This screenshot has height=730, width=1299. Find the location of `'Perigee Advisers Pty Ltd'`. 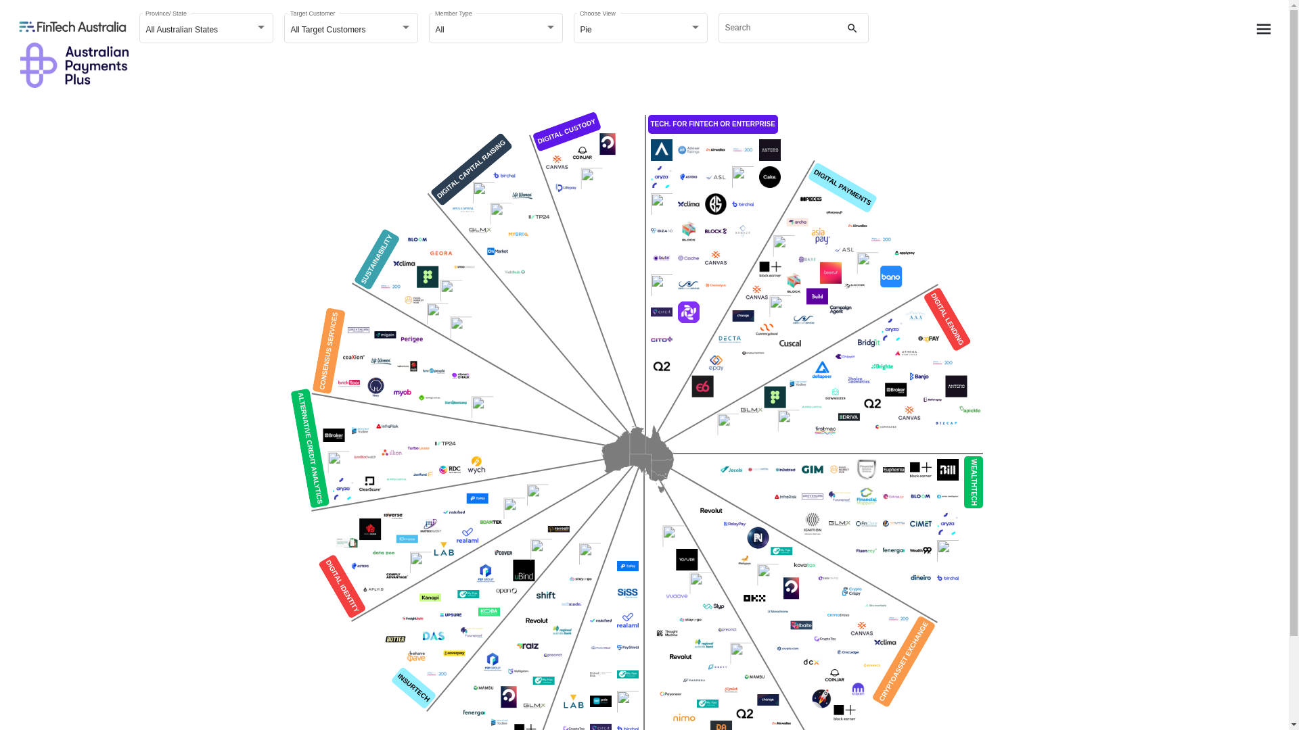

'Perigee Advisers Pty Ltd' is located at coordinates (411, 339).